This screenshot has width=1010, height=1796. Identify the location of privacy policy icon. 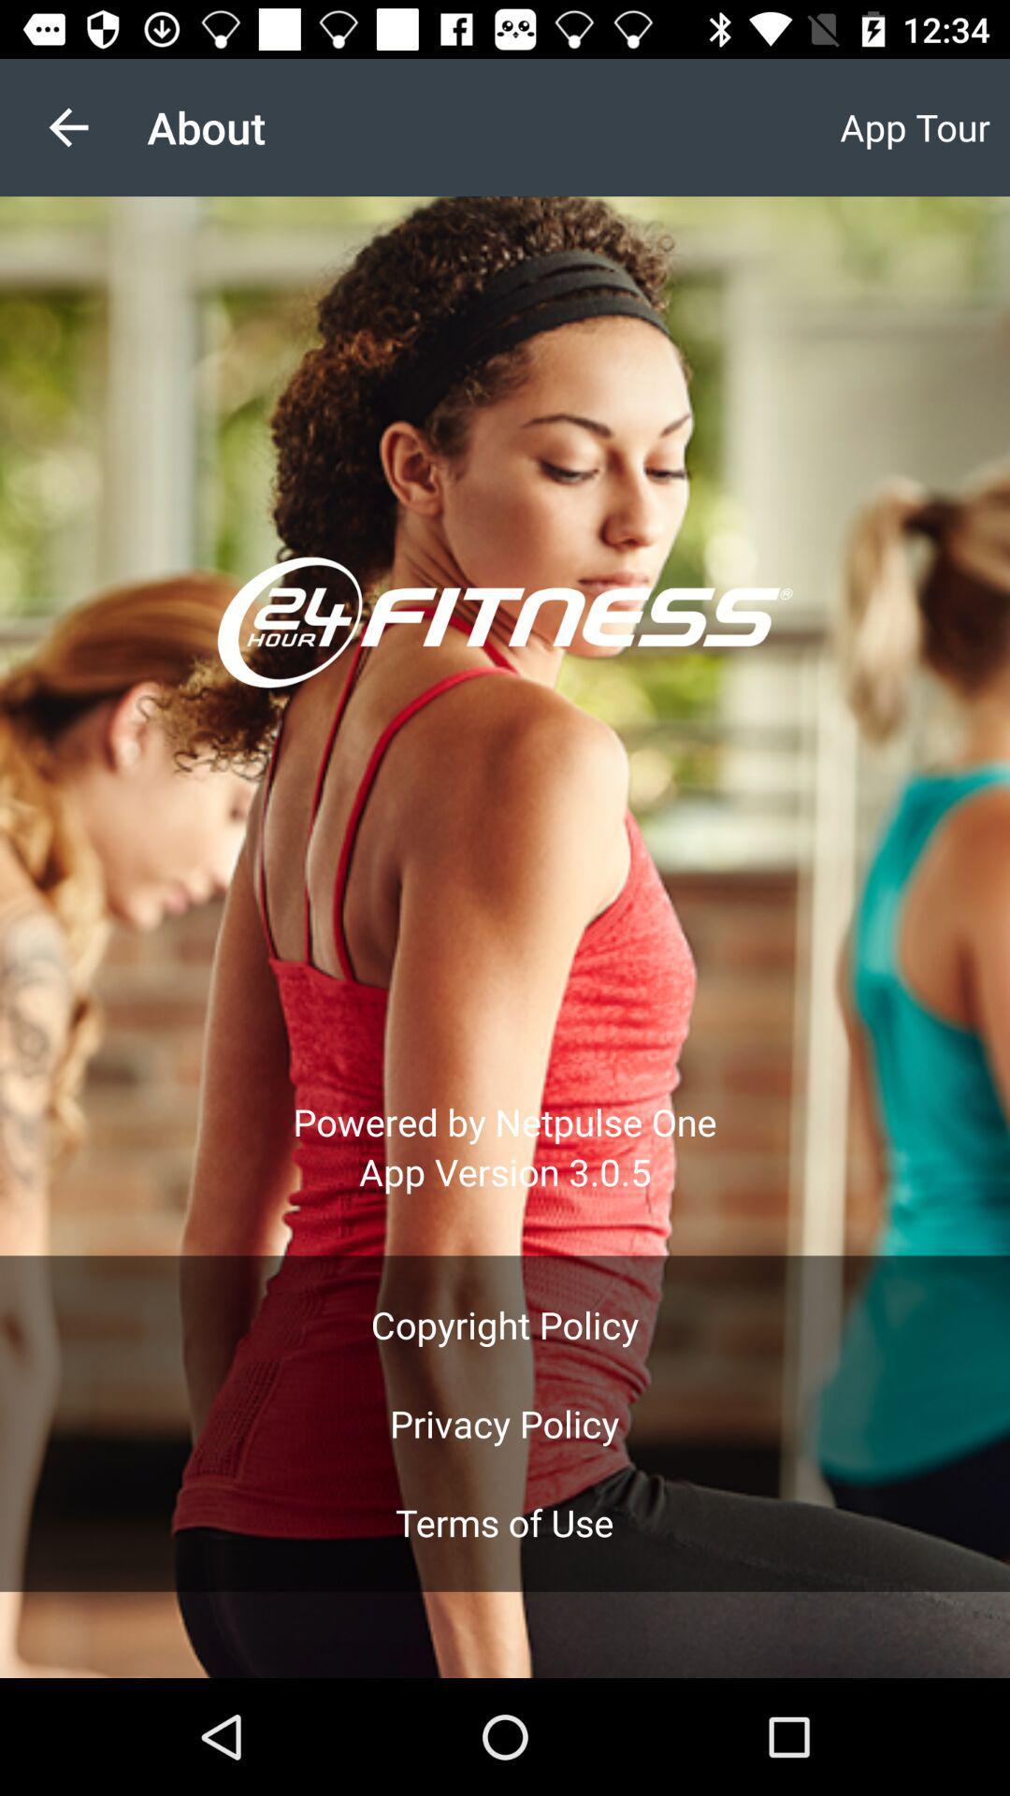
(503, 1423).